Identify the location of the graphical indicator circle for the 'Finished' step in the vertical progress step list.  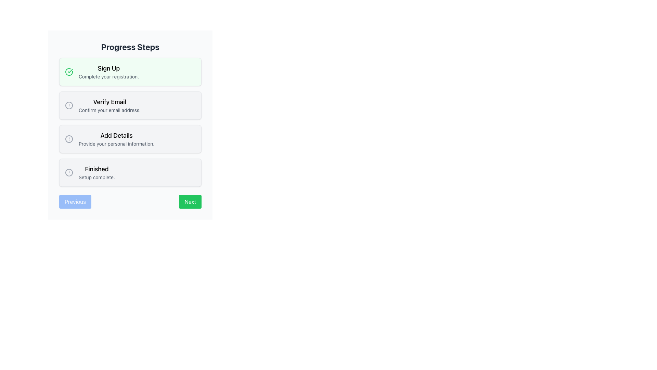
(69, 172).